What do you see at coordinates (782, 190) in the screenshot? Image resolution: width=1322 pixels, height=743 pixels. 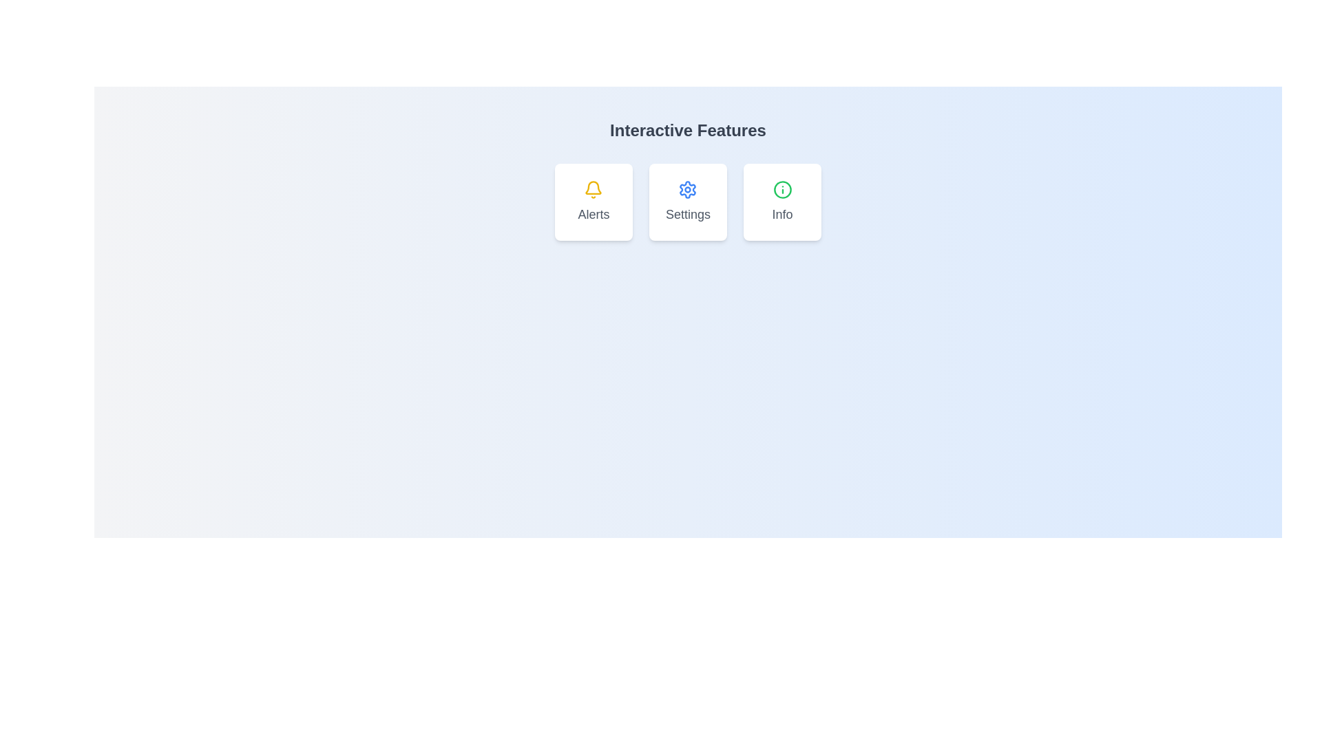 I see `the 'Info' icon represented as a circle, located near the center of the icon among similar icons such as 'Alerts' and 'Settings'` at bounding box center [782, 190].